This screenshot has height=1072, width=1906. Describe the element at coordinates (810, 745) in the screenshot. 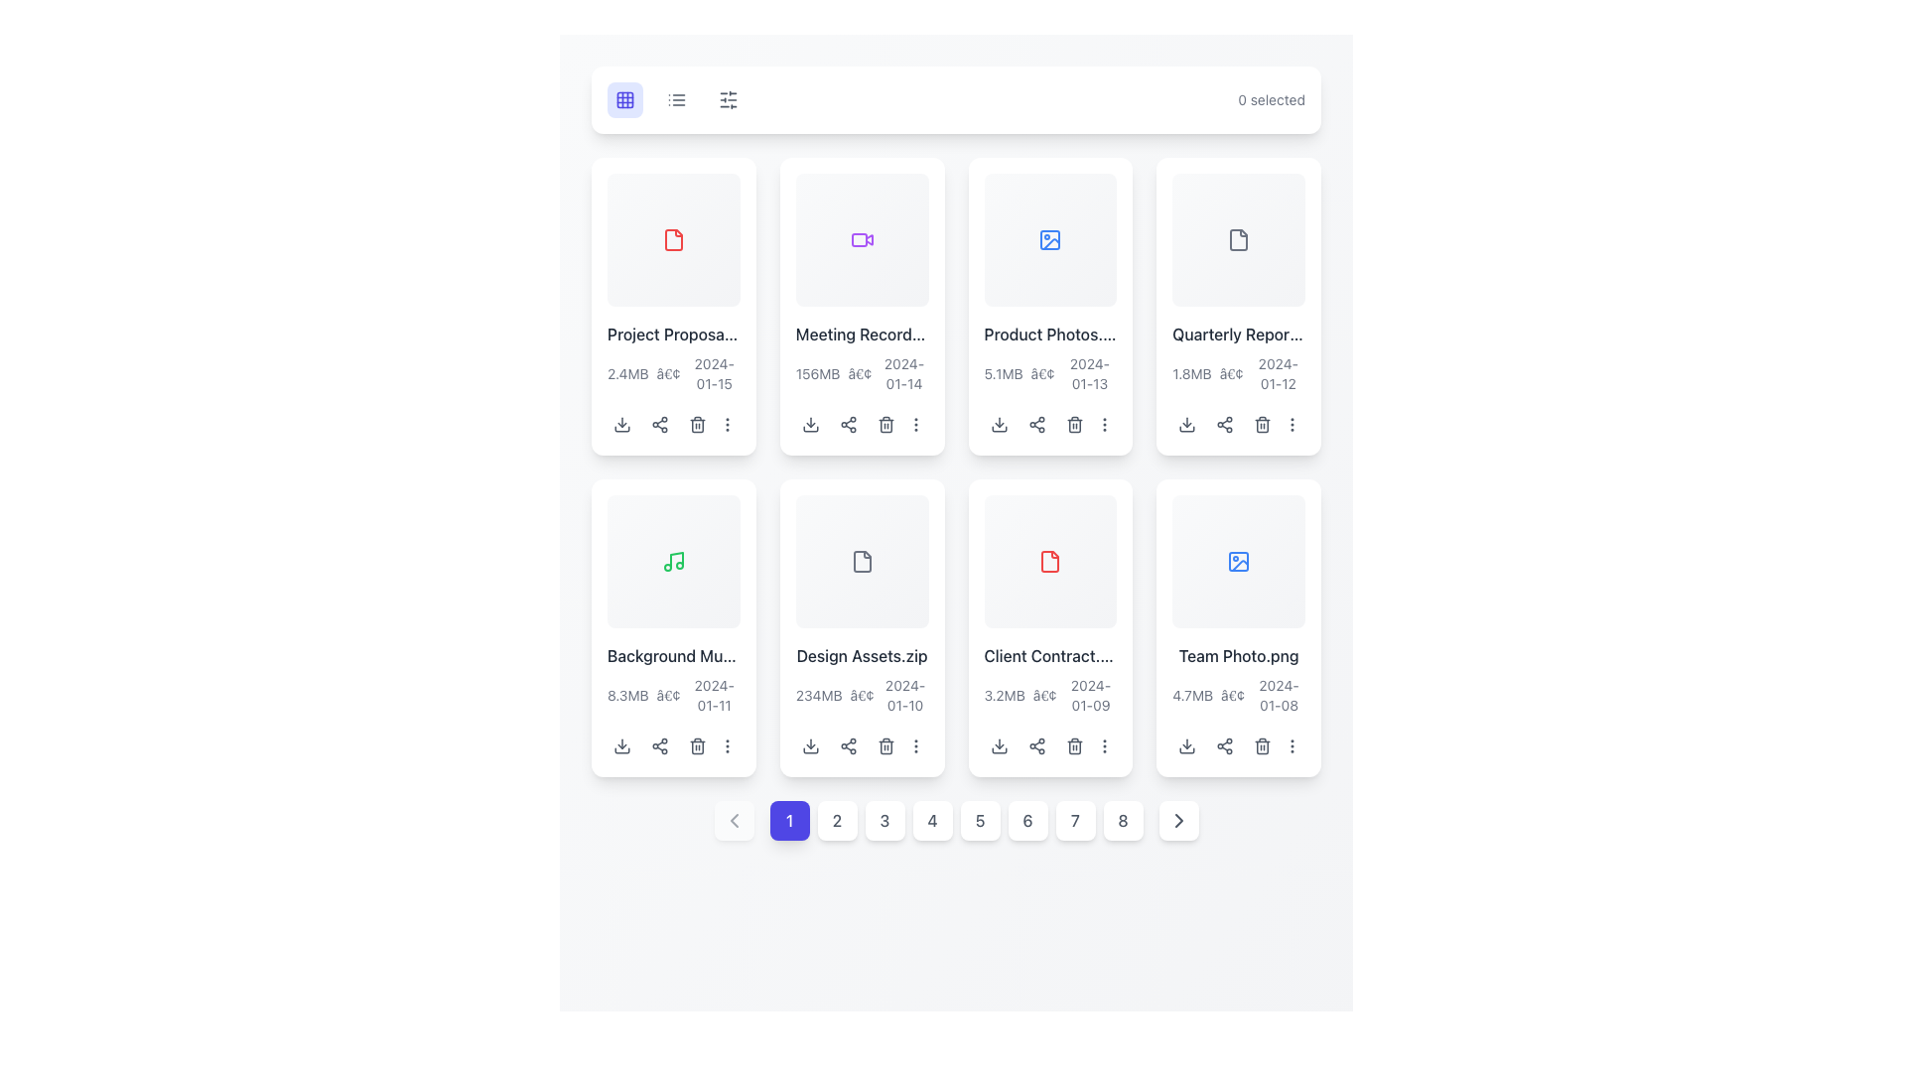

I see `the download button for the 'Design Assets.zip' file located within its card, positioned below the file name and details, to initiate the download` at that location.